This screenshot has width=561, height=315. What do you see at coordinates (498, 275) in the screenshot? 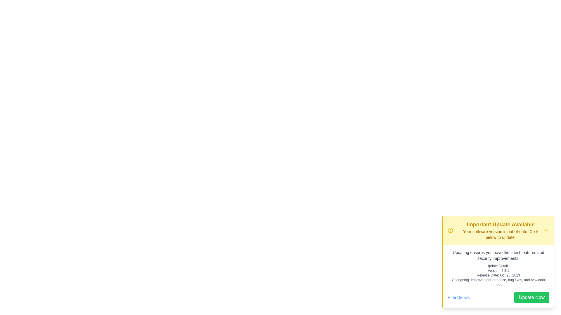
I see `the text label that provides information about the release date of the software version, positioned below 'Version: 2.3.1' and above the changelog description` at bounding box center [498, 275].